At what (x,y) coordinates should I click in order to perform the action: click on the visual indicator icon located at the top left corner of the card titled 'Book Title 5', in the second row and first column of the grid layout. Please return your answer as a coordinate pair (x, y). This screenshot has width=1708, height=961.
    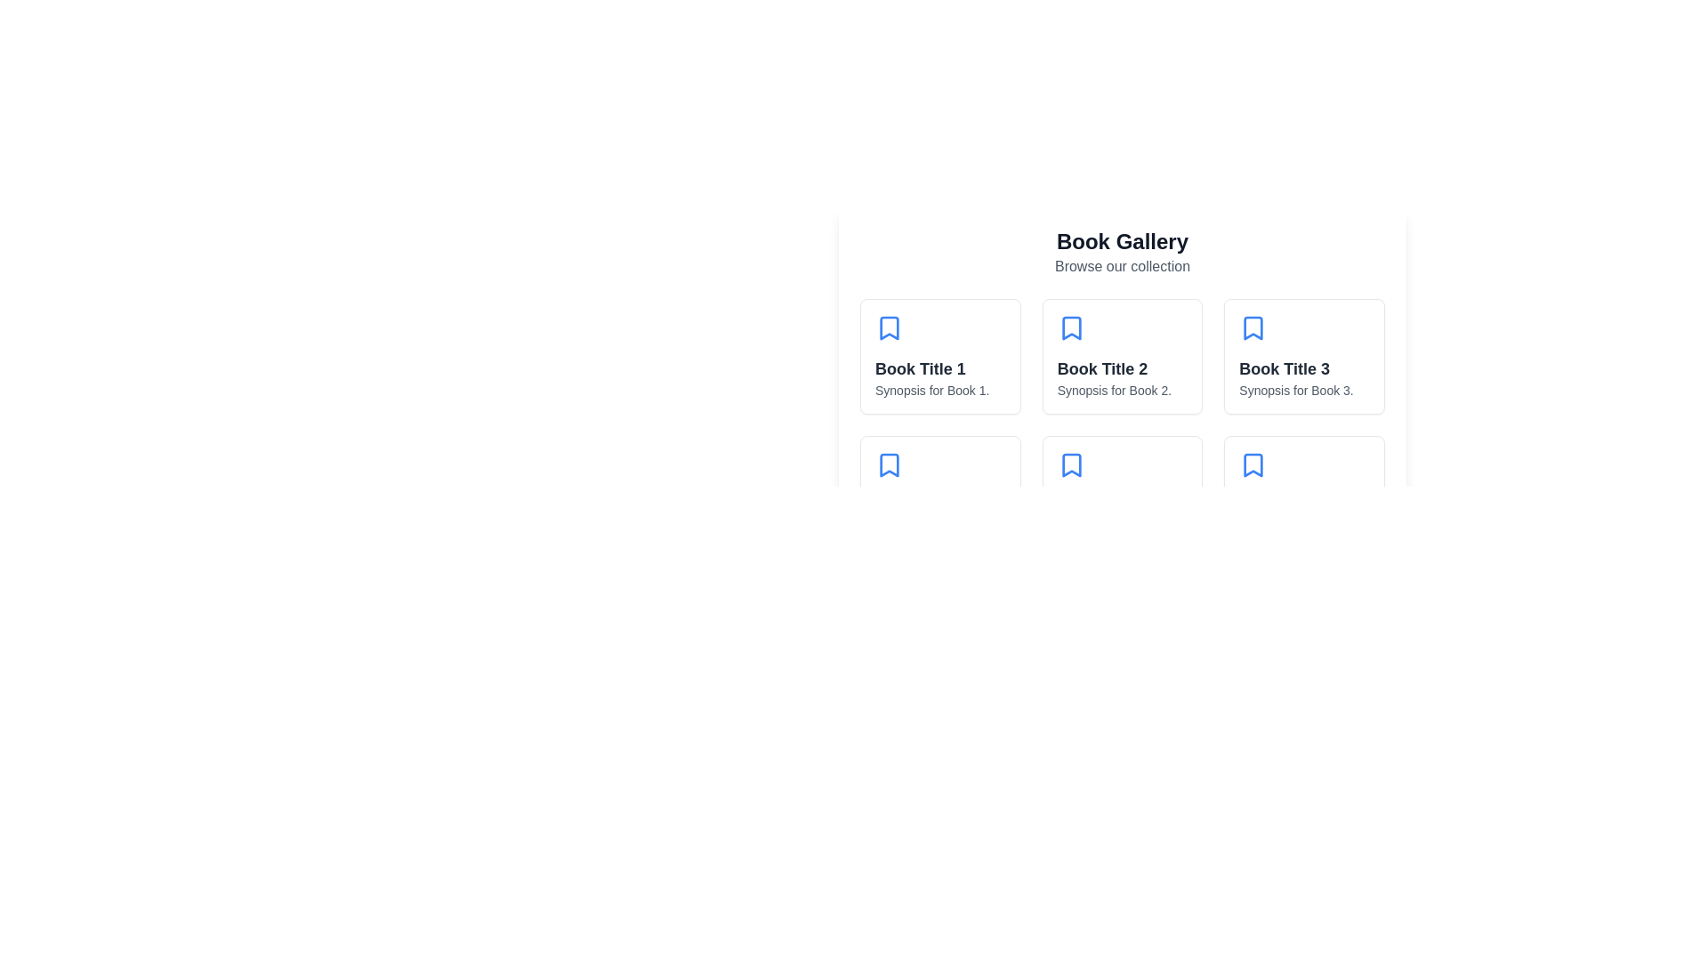
    Looking at the image, I should click on (1070, 464).